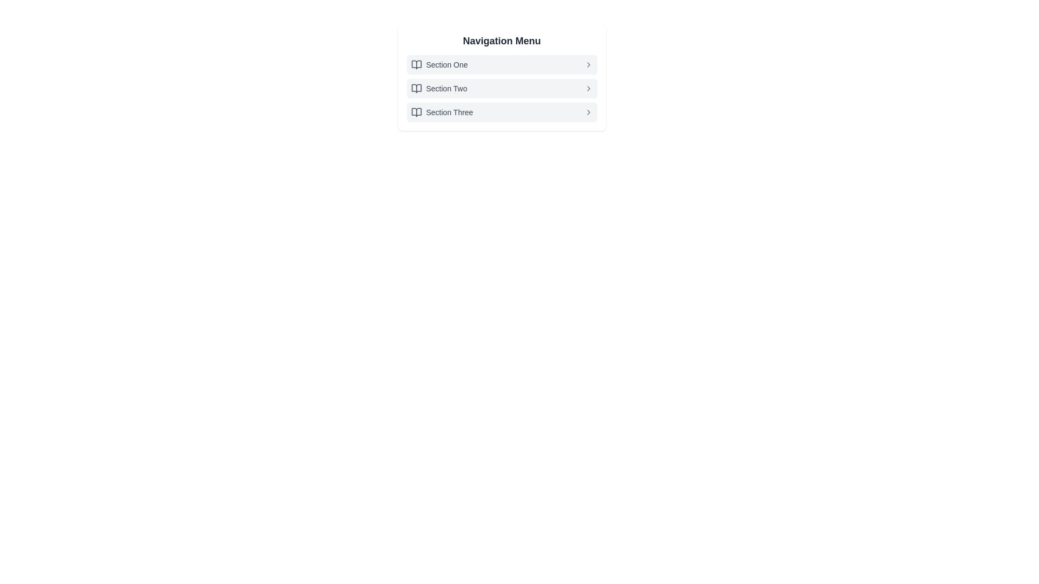 This screenshot has width=1039, height=584. I want to click on the navigation icon, which is a chevron located at the far right of the 'Section One' row in the navigation menu, so click(588, 64).